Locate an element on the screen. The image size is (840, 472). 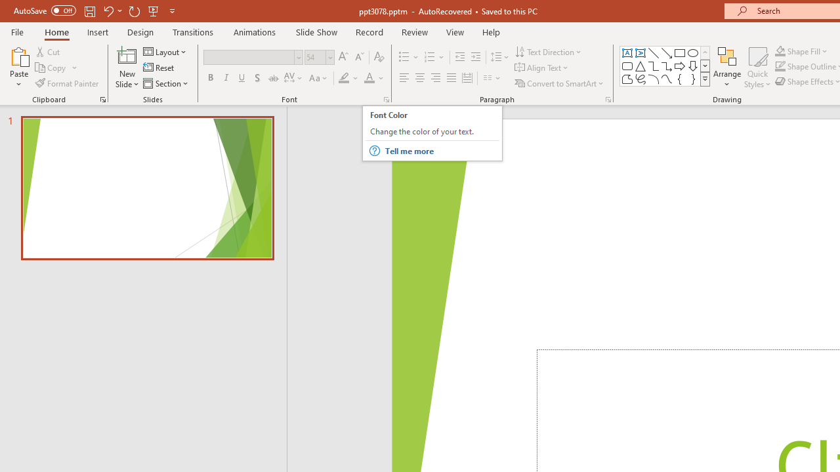
'Row up' is located at coordinates (704, 52).